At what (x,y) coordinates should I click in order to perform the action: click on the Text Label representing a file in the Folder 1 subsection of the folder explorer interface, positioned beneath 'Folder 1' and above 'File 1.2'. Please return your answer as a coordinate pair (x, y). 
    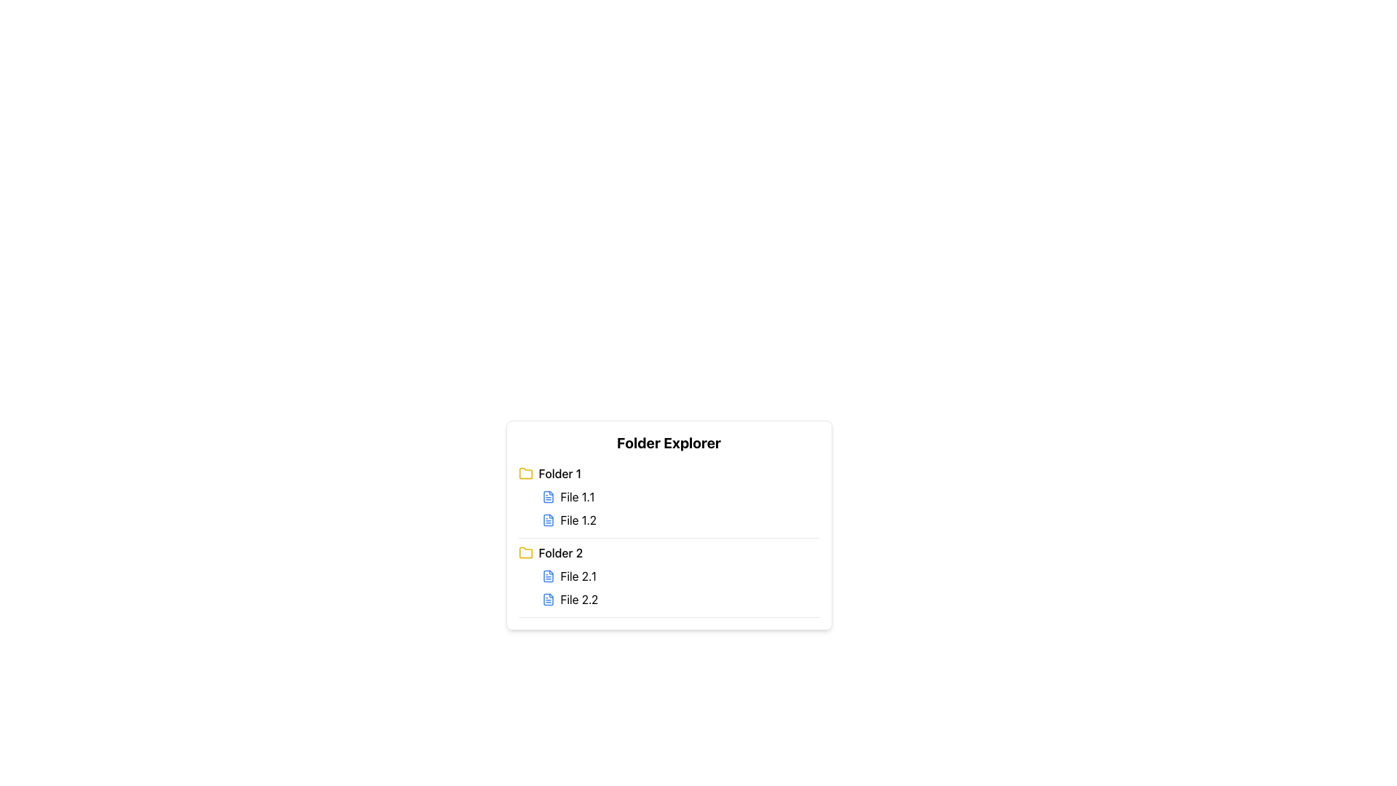
    Looking at the image, I should click on (577, 496).